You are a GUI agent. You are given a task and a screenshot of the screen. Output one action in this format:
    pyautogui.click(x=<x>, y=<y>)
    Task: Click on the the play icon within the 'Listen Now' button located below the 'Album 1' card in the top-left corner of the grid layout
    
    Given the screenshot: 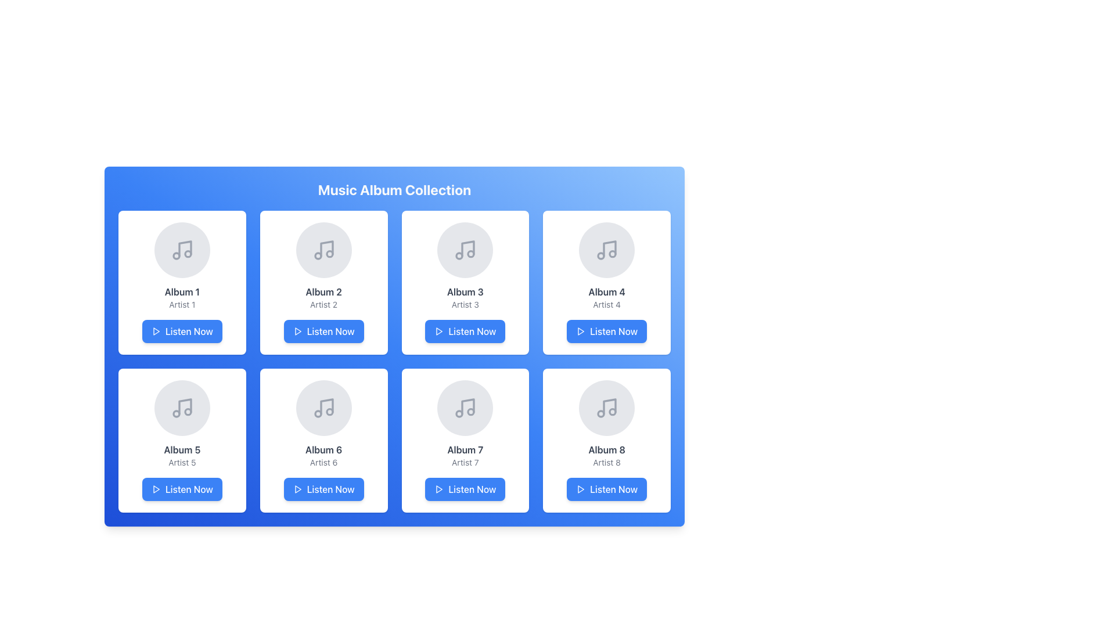 What is the action you would take?
    pyautogui.click(x=155, y=331)
    